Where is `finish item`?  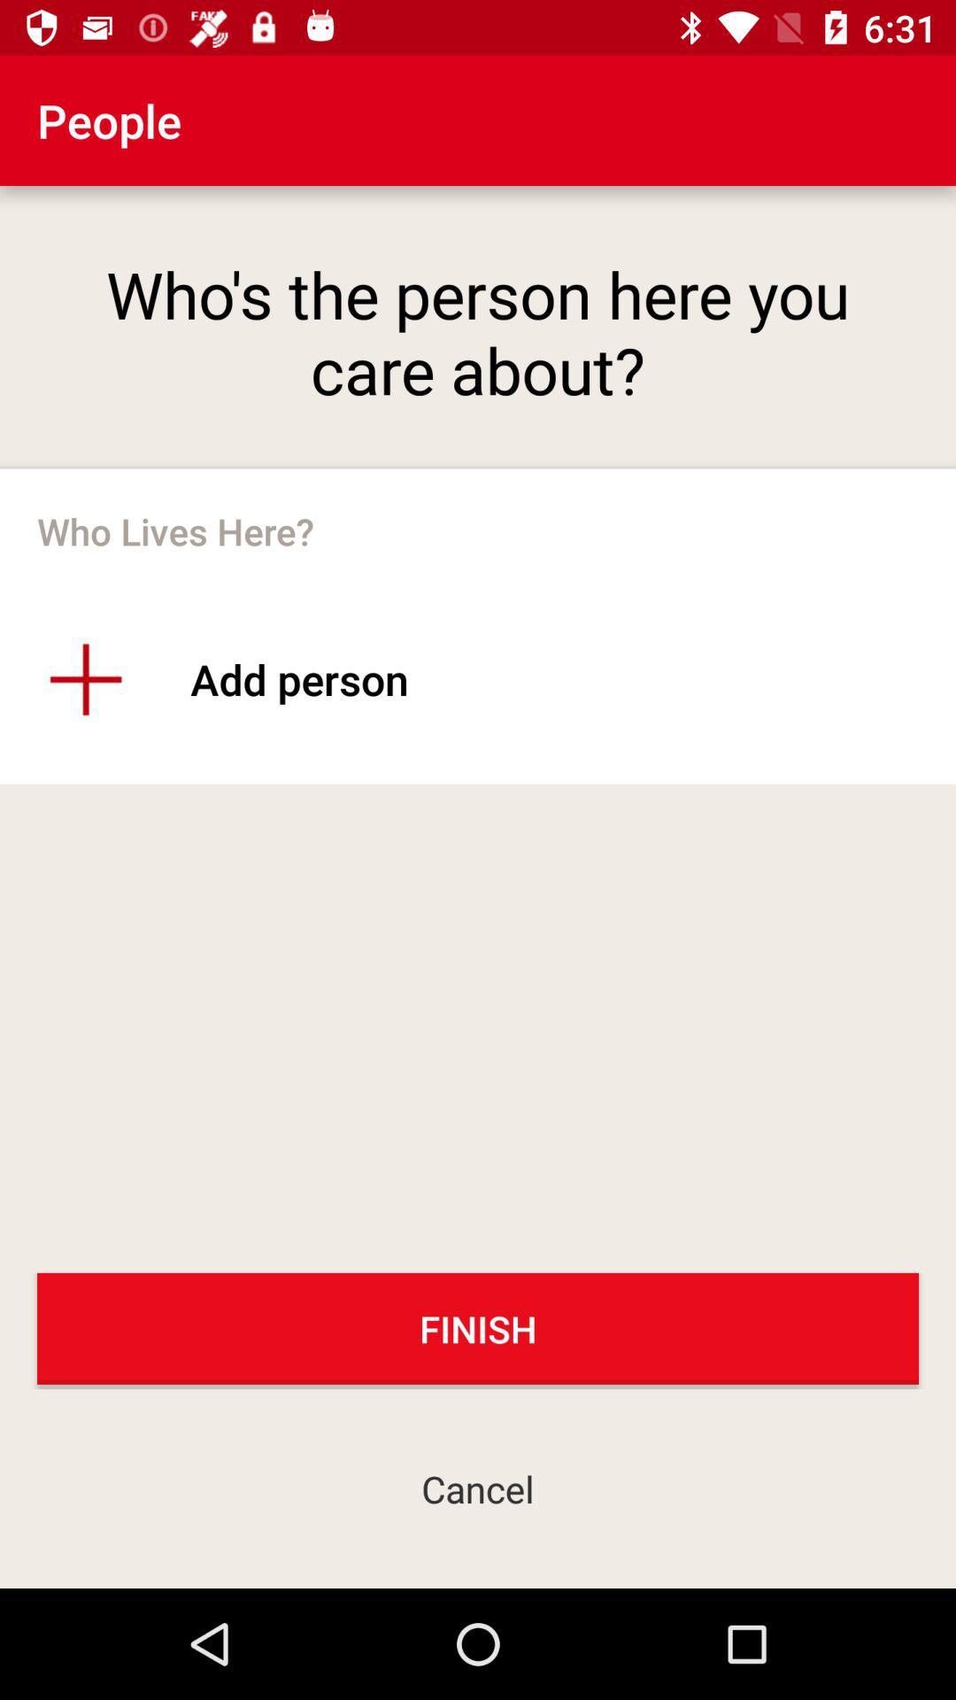
finish item is located at coordinates (478, 1328).